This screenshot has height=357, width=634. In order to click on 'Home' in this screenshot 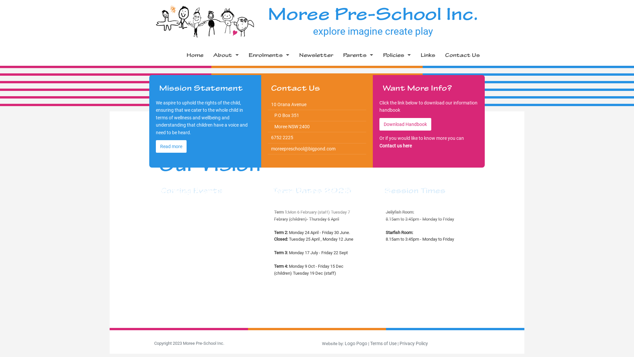, I will do `click(182, 55)`.